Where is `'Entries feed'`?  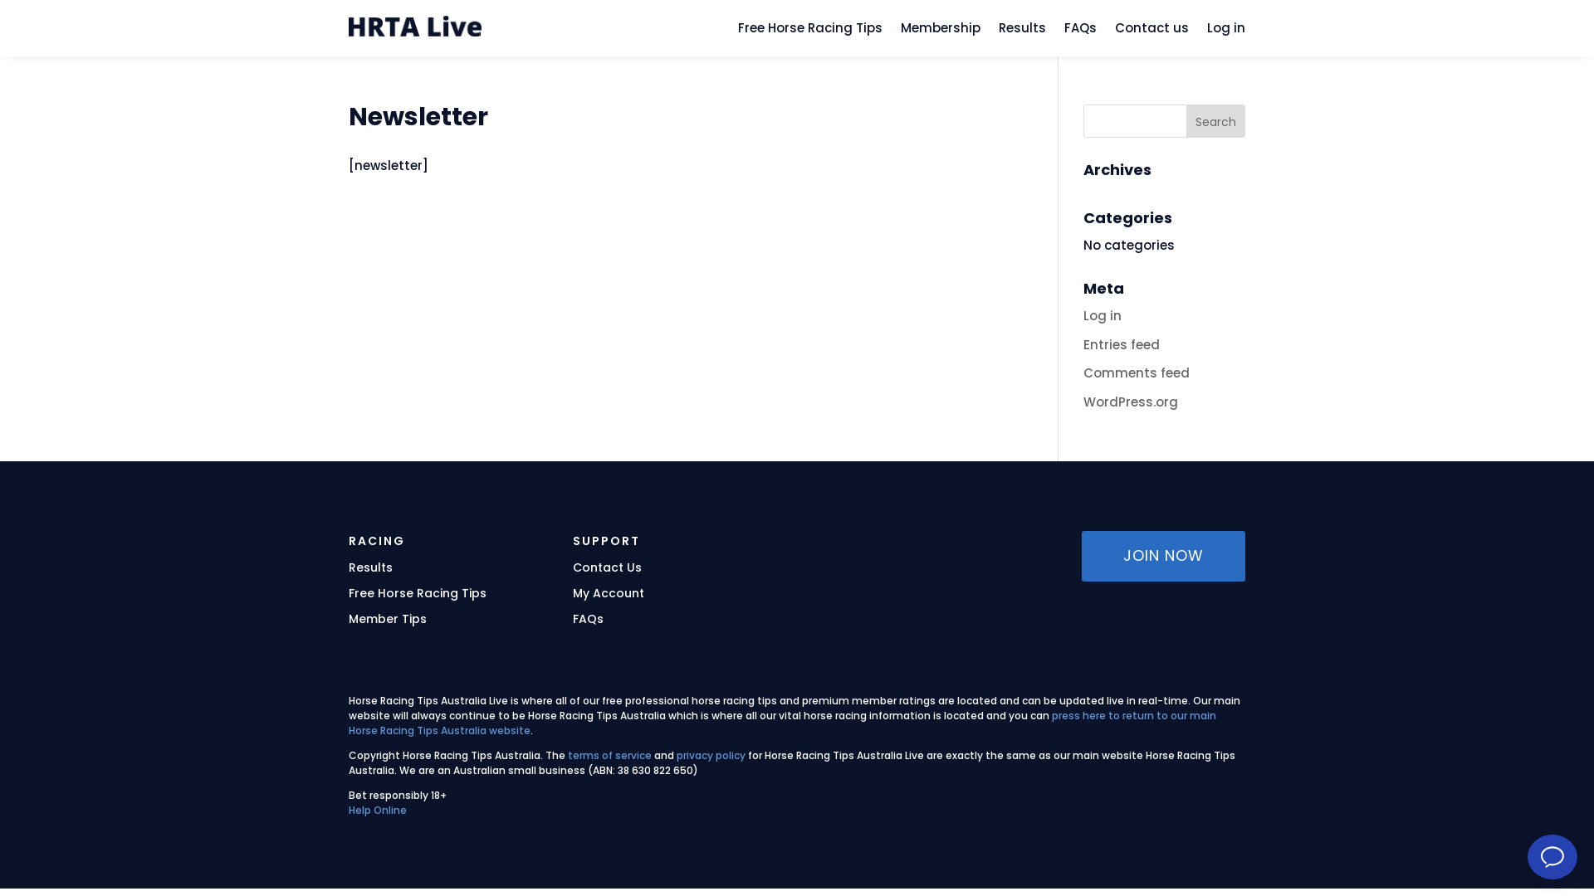 'Entries feed' is located at coordinates (1083, 343).